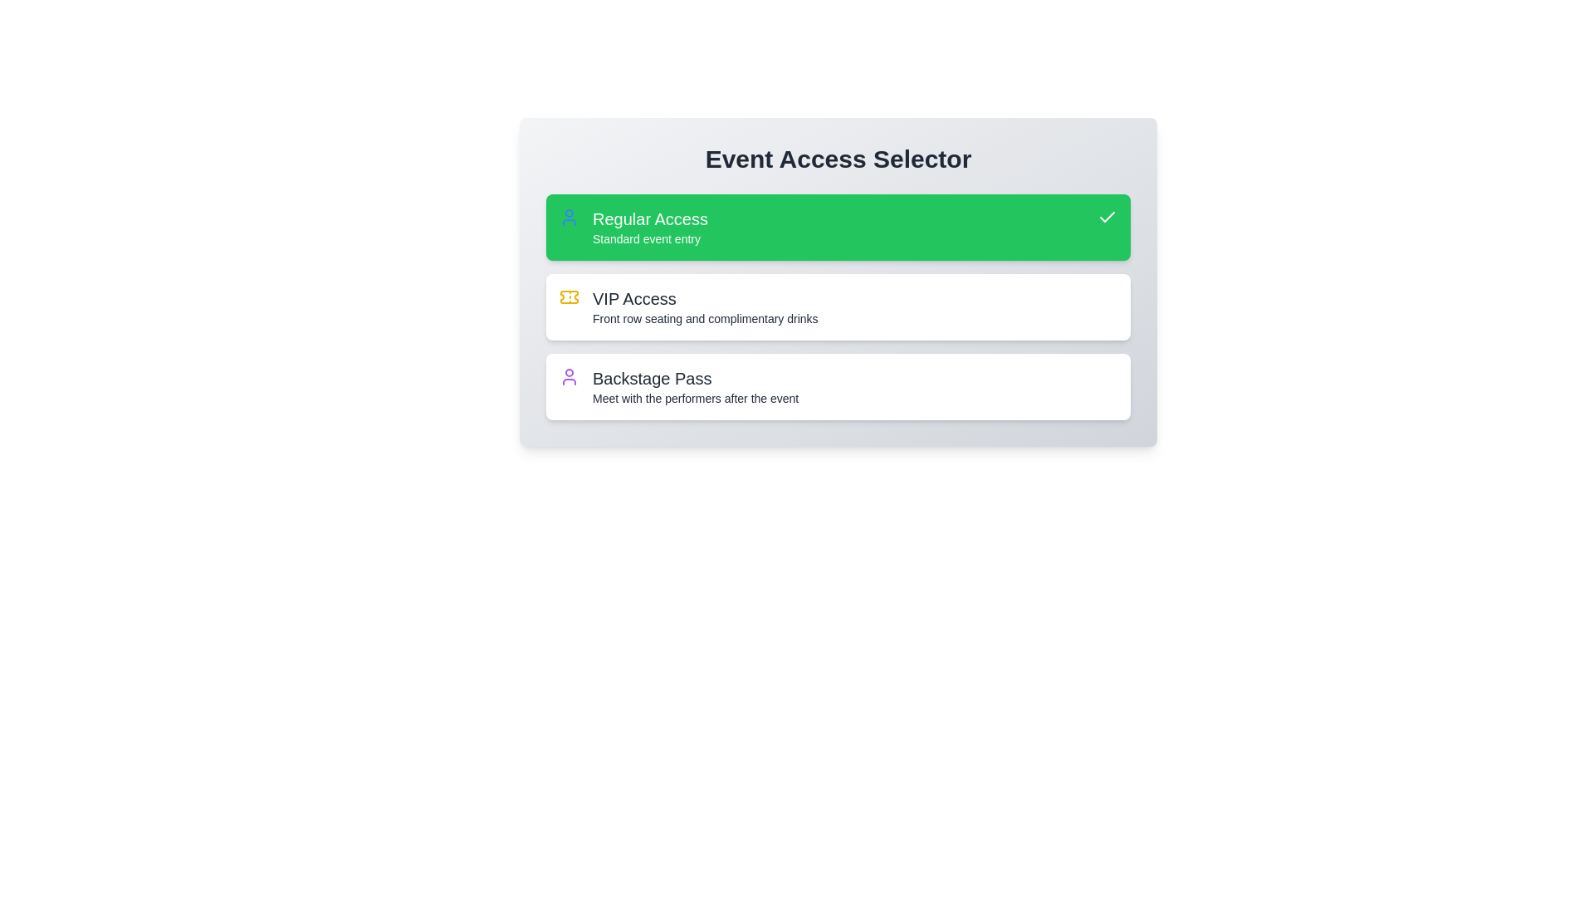  What do you see at coordinates (570, 297) in the screenshot?
I see `the distinctive yellow ticket icon, which is positioned to the left of the 'VIP Access' text label in the list of access options` at bounding box center [570, 297].